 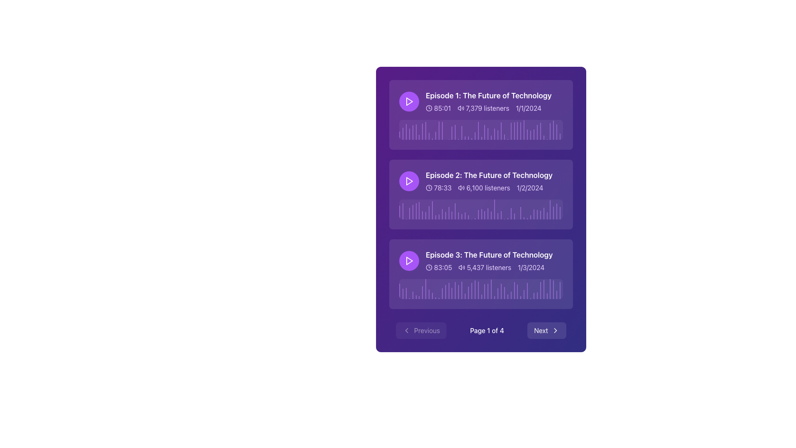 What do you see at coordinates (491, 215) in the screenshot?
I see `the position of the Progress indicator, a vertical purple line located within the waveform of the second episode, at approximately the 56% mark` at bounding box center [491, 215].